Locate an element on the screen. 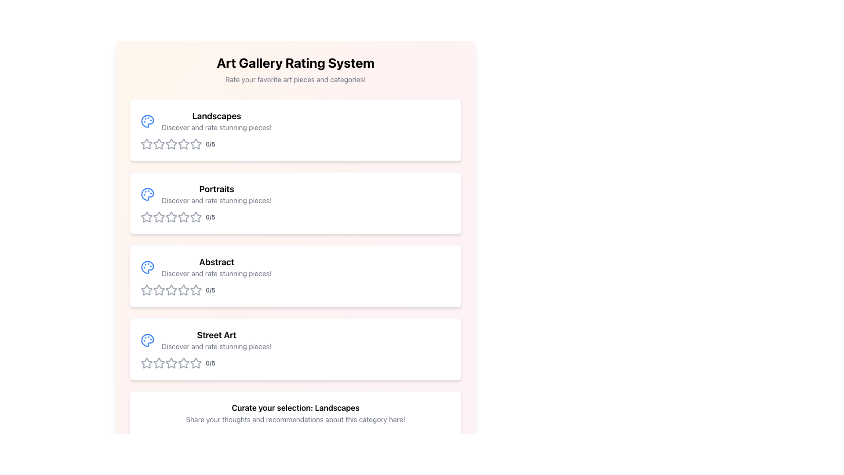 The width and height of the screenshot is (844, 475). the fifth star-shaped rating icon to rate it in the 'Portraits' section, which is located to the right of the preceding stars and directly left of the text '0/5' is located at coordinates (196, 217).